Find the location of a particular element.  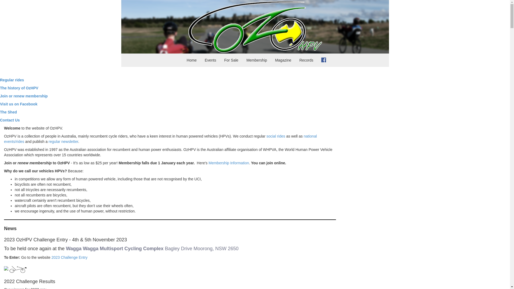

'The Shed' is located at coordinates (8, 112).